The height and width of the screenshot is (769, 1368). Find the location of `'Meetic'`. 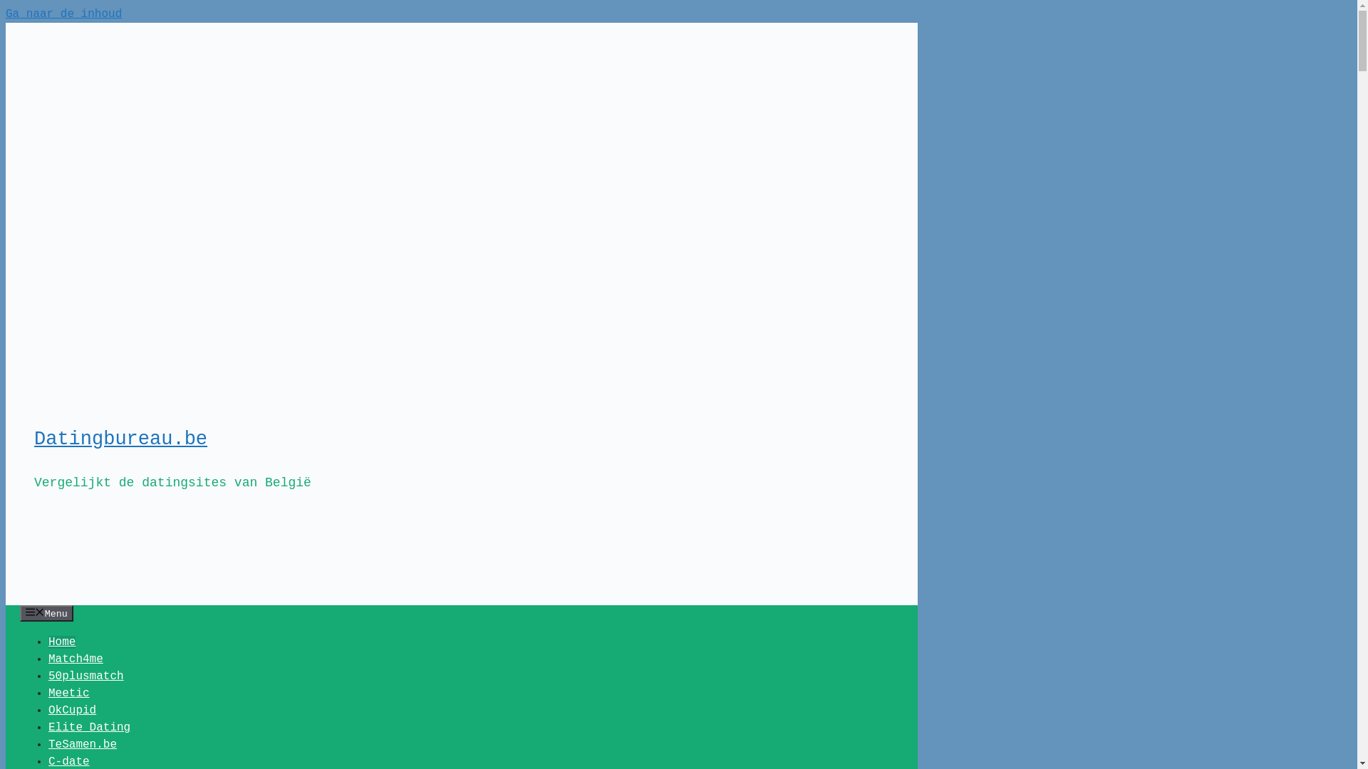

'Meetic' is located at coordinates (68, 693).